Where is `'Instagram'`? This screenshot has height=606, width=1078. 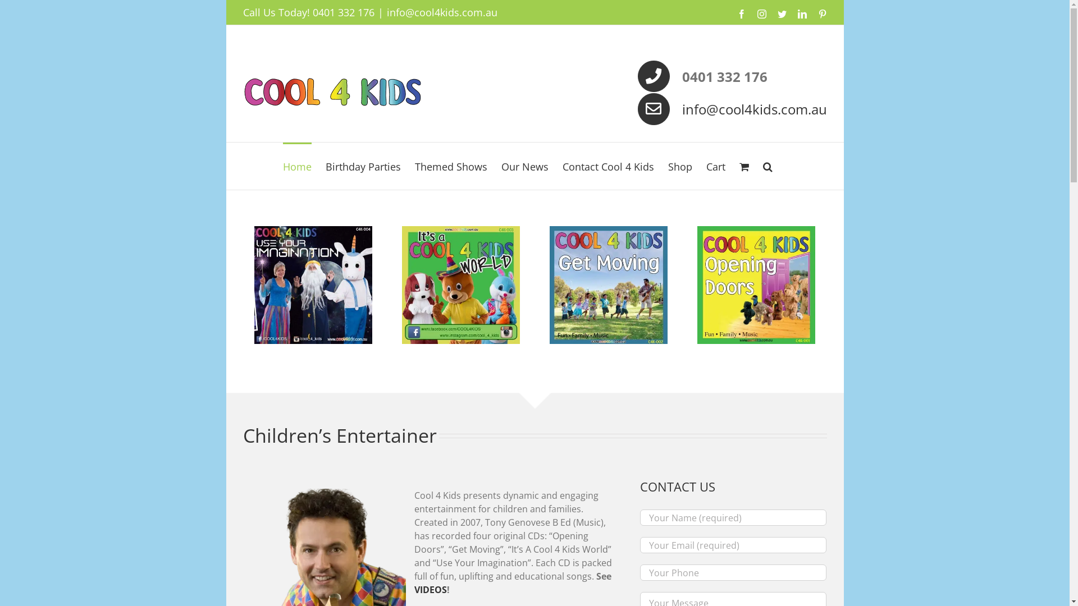 'Instagram' is located at coordinates (761, 13).